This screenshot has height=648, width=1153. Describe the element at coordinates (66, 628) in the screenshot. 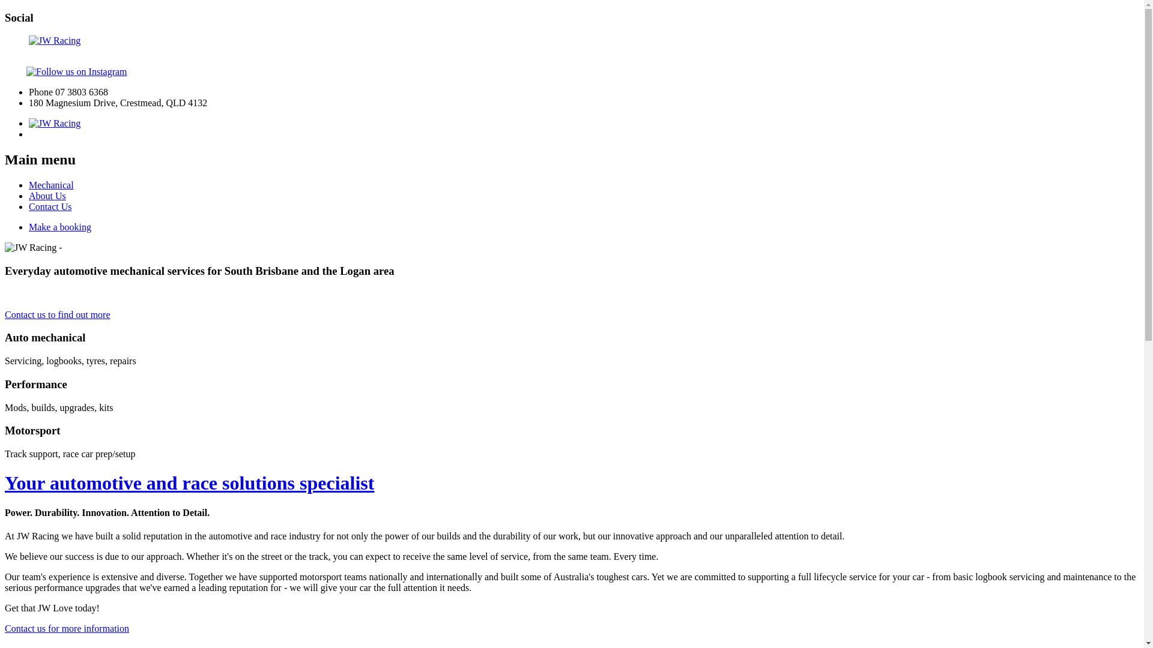

I see `'Contact us for more information'` at that location.